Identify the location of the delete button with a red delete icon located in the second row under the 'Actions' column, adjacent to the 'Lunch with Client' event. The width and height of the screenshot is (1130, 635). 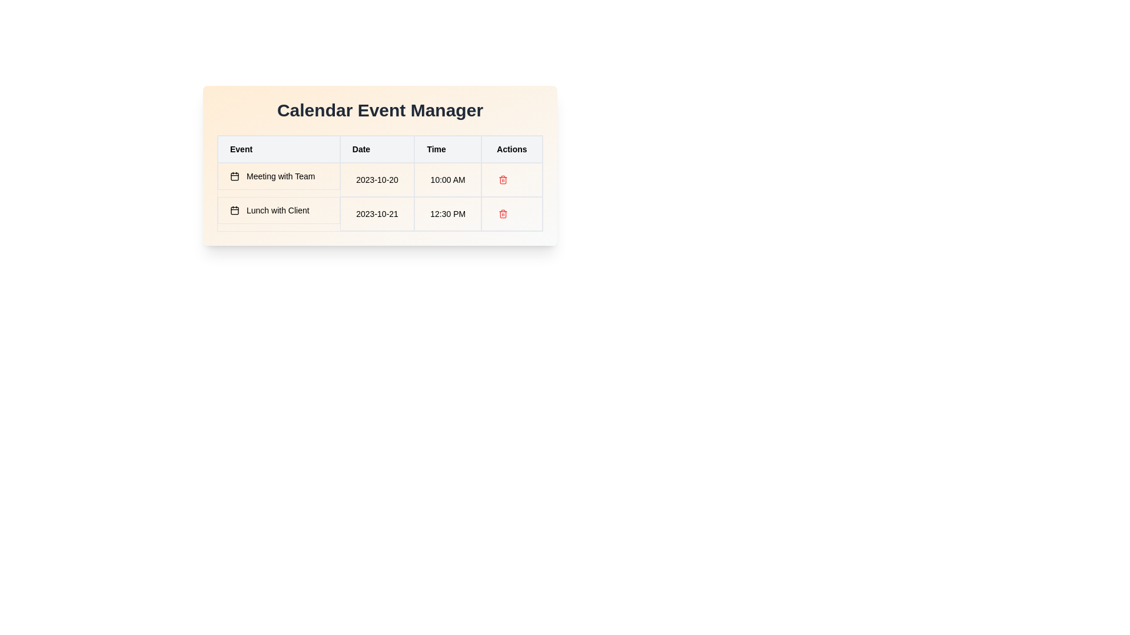
(511, 213).